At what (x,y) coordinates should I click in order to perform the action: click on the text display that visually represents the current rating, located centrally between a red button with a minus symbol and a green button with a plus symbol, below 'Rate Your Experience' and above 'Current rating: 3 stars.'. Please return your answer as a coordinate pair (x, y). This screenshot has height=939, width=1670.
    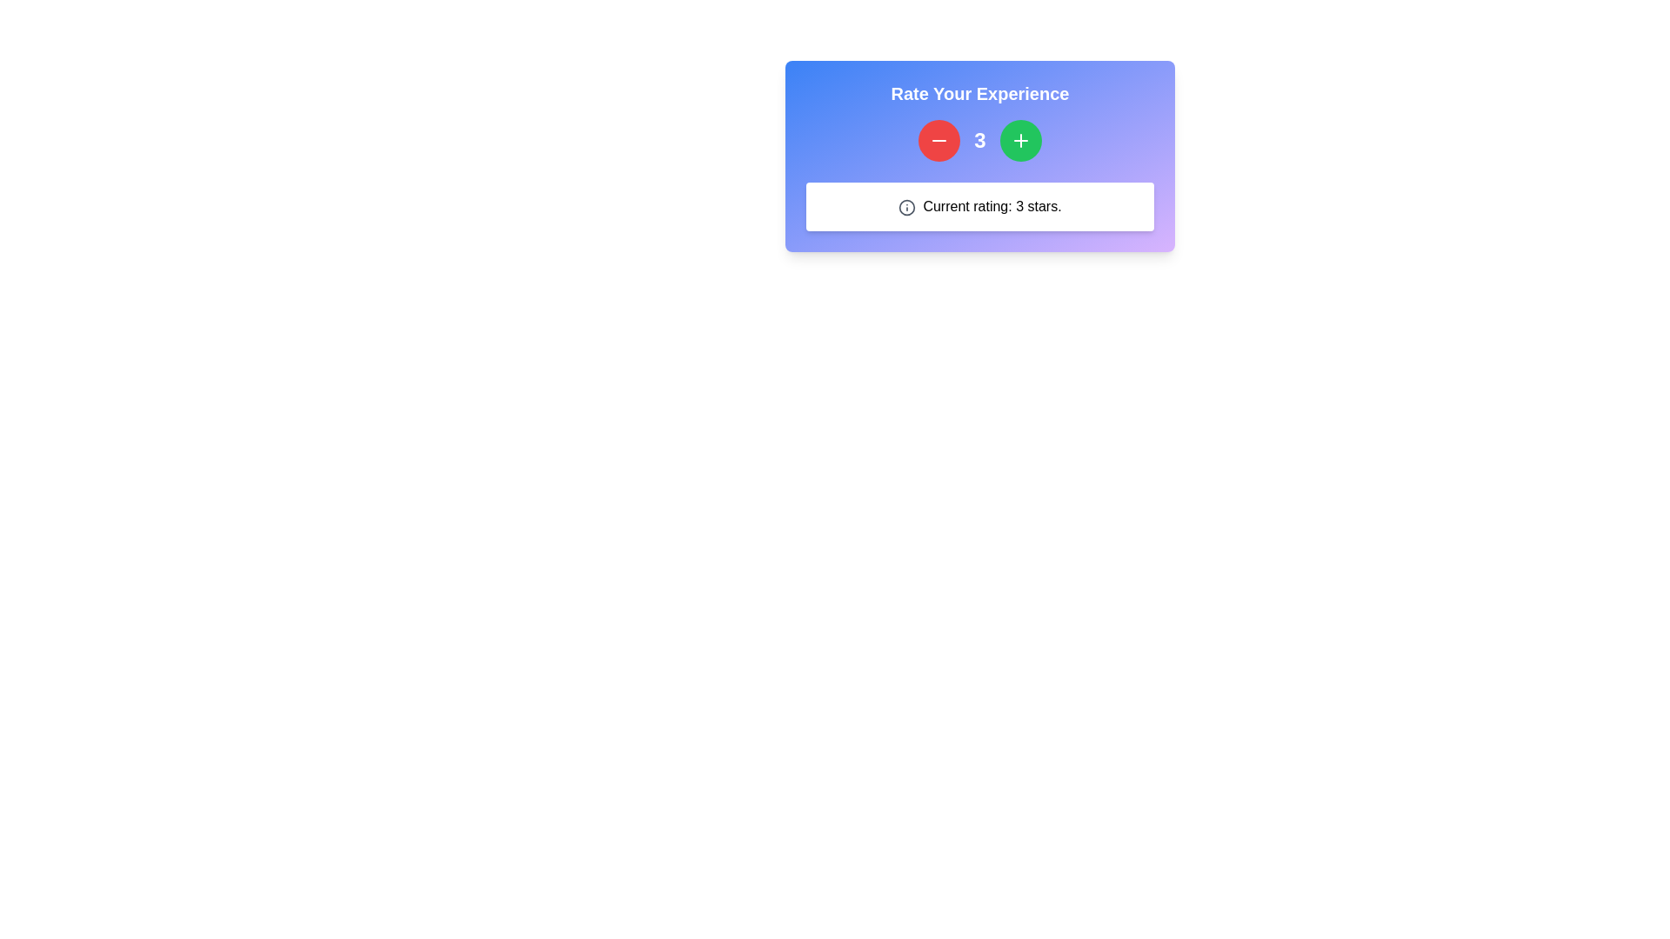
    Looking at the image, I should click on (980, 140).